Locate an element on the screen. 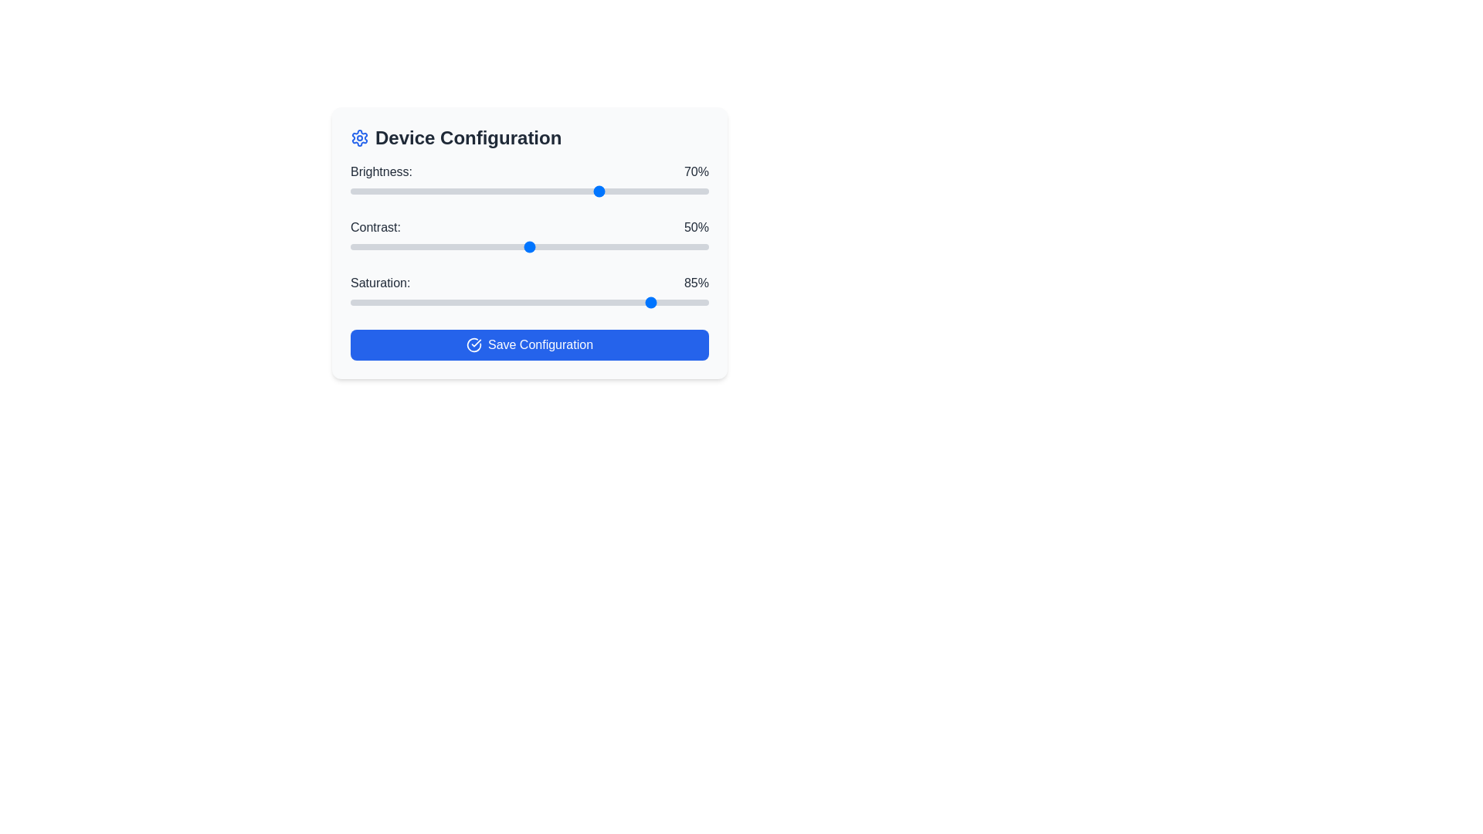  the third slider in the 'Device Configuration' card, which adjusts the saturation level and is currently set to '85%' is located at coordinates (530, 292).